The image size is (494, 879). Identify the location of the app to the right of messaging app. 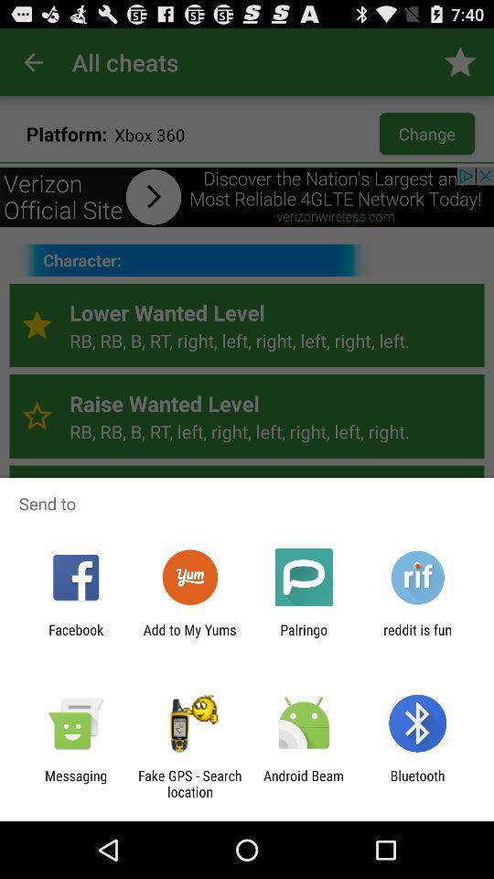
(188, 783).